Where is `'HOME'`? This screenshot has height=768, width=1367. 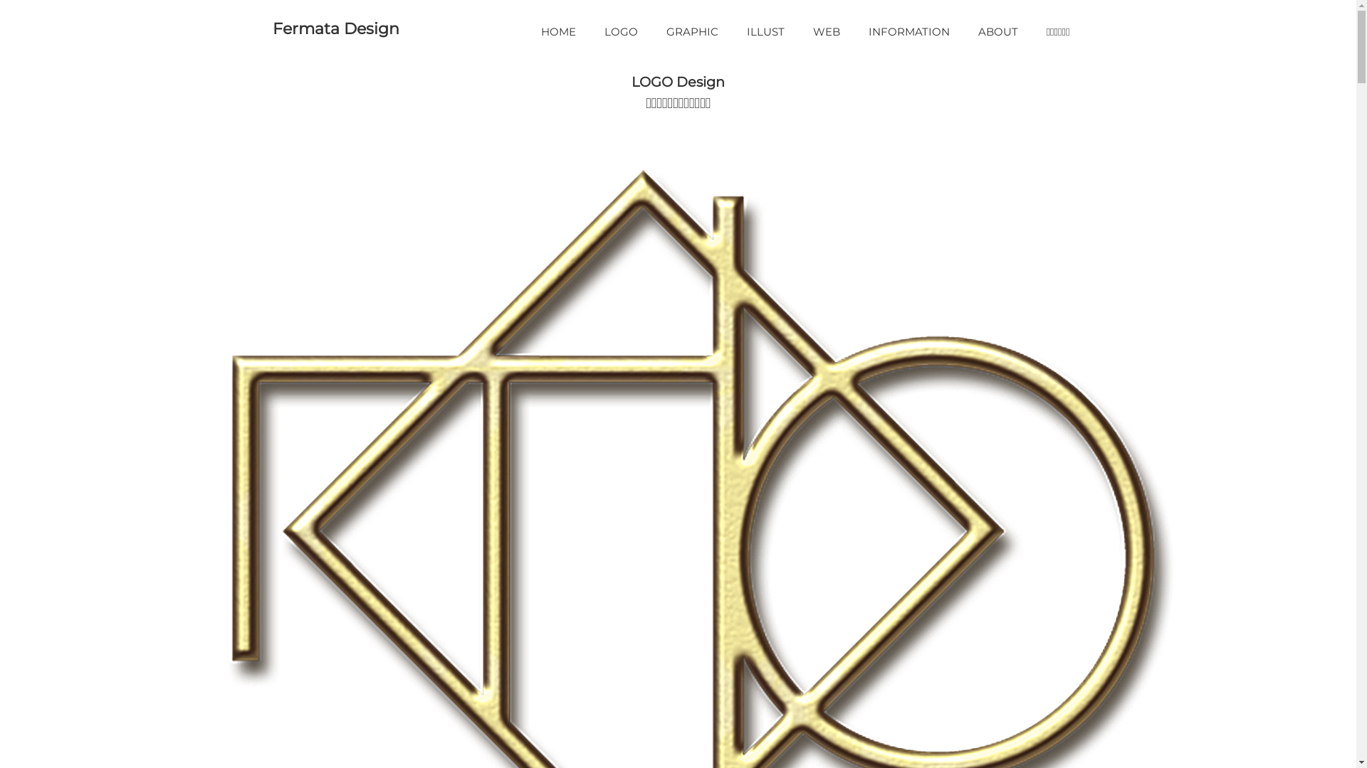
'HOME' is located at coordinates (557, 31).